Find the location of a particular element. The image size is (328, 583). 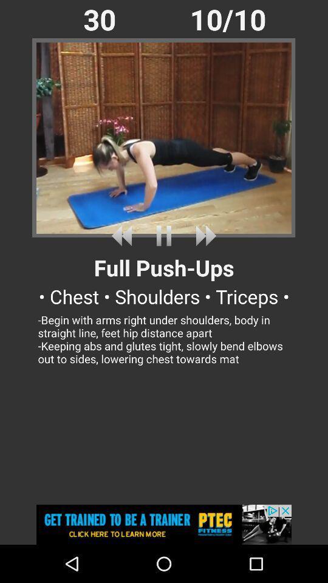

pause is located at coordinates (164, 235).